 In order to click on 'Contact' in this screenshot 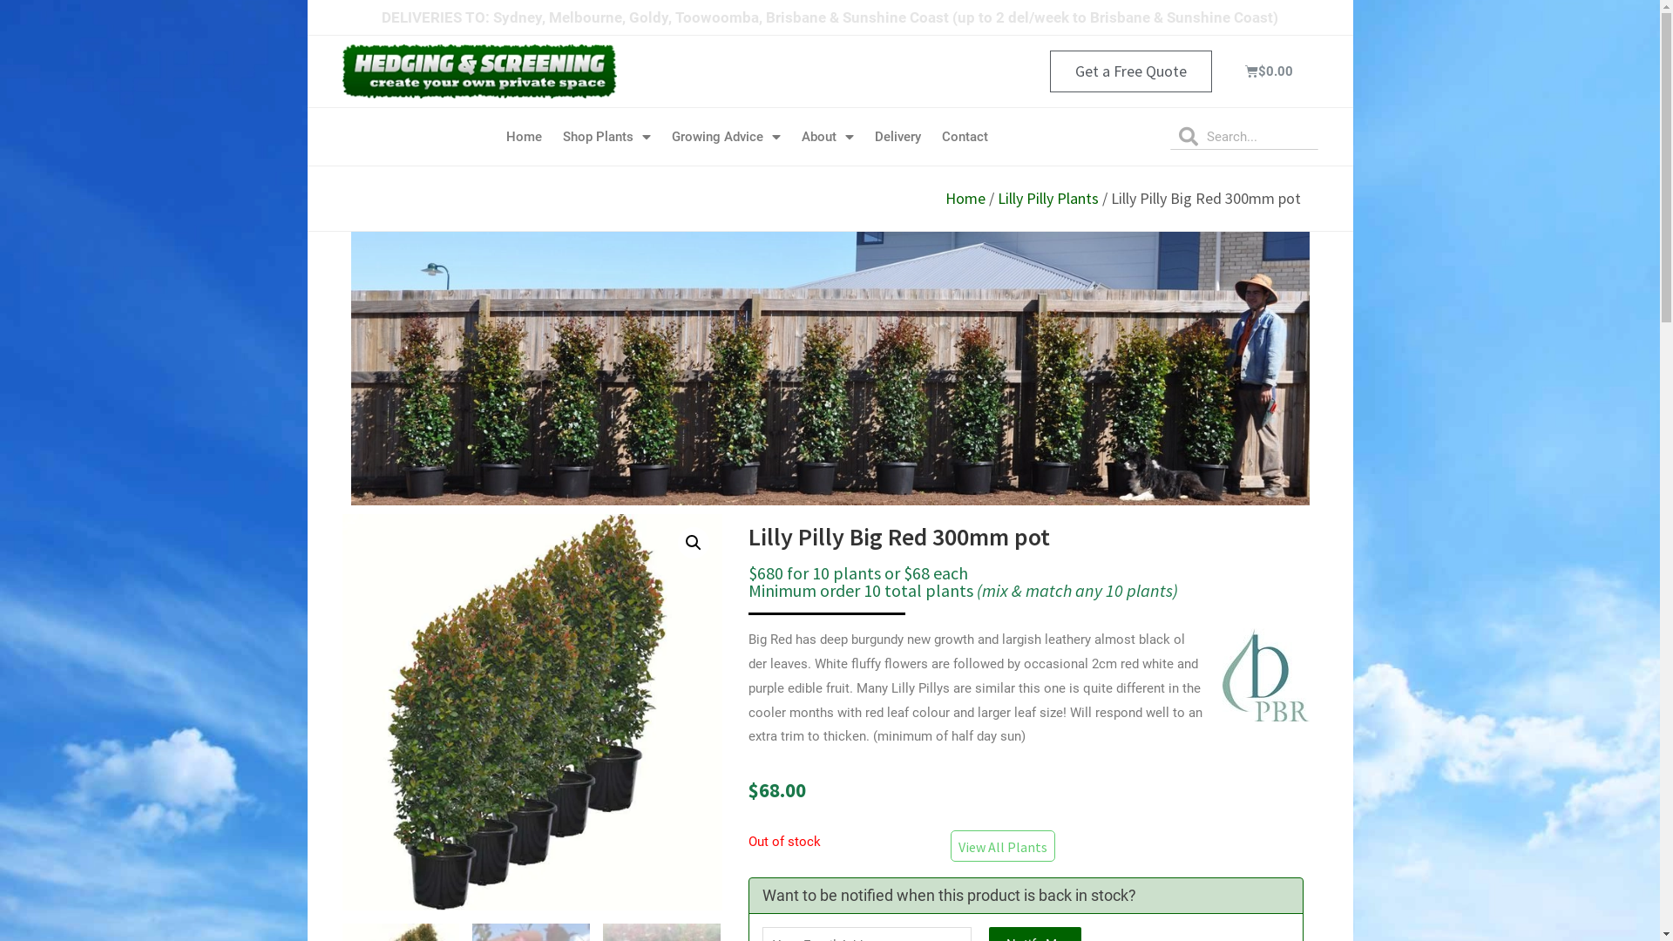, I will do `click(964, 136)`.